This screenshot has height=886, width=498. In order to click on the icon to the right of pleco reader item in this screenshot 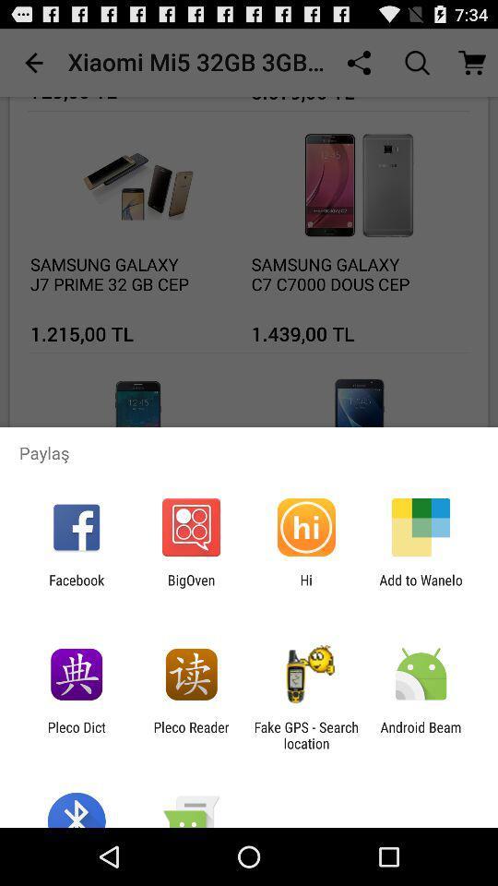, I will do `click(306, 735)`.